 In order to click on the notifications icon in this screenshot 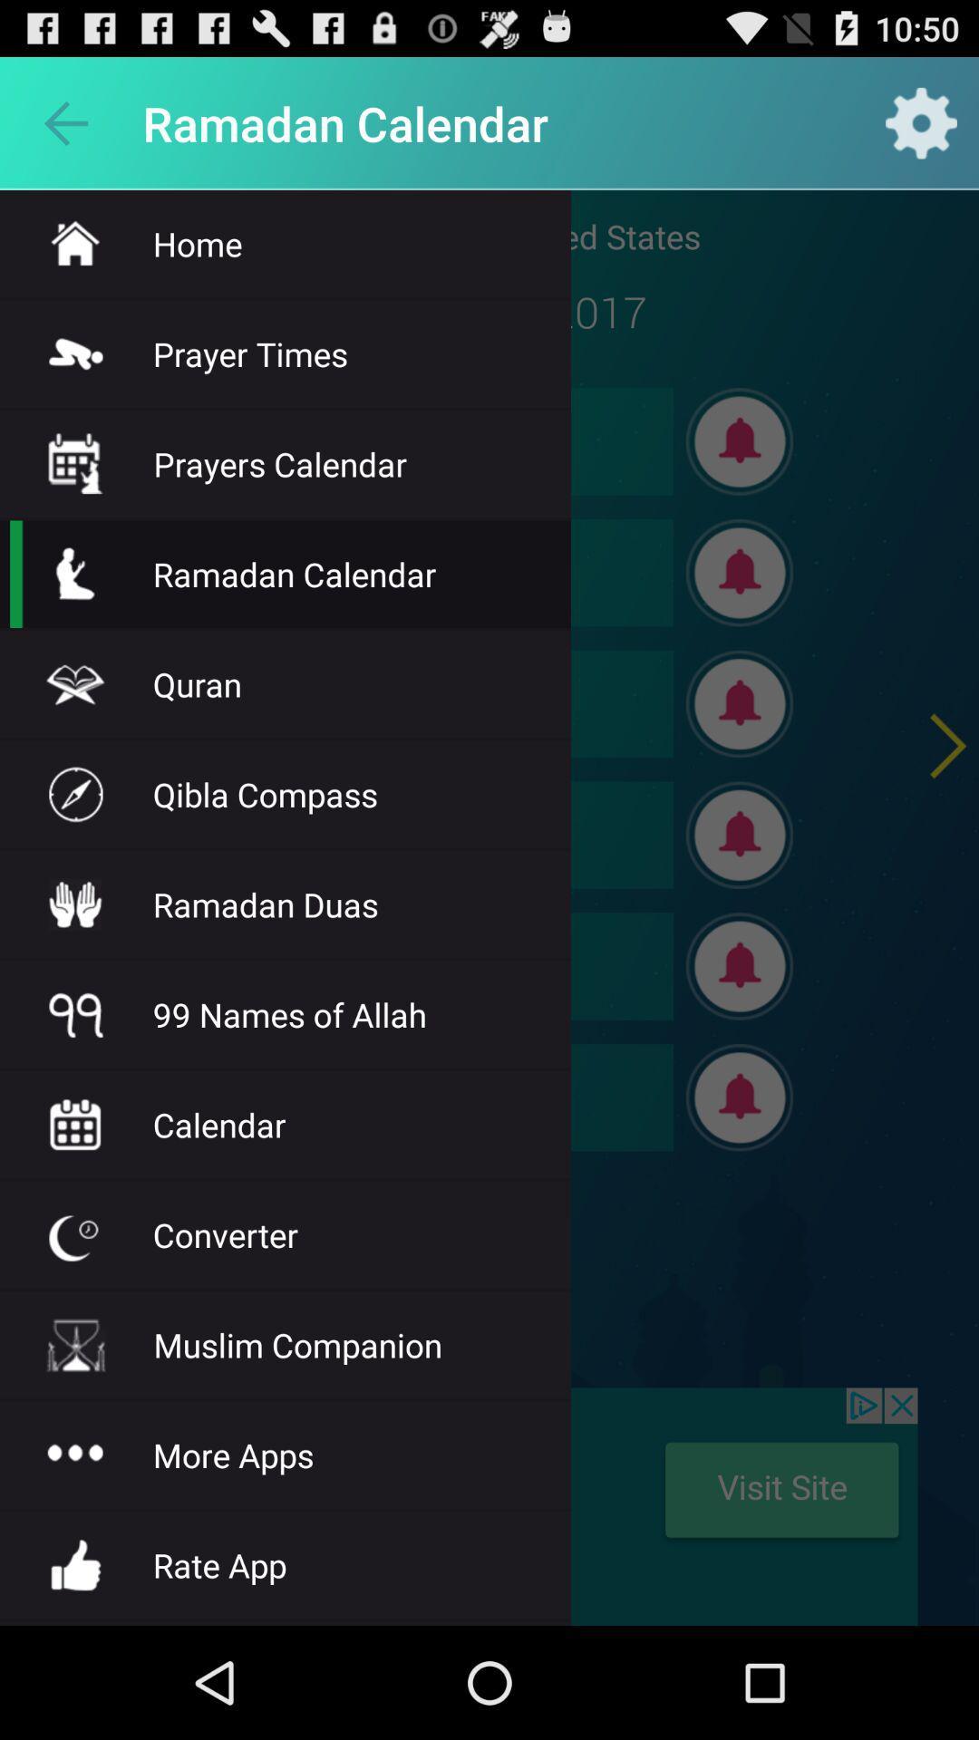, I will do `click(740, 1174)`.